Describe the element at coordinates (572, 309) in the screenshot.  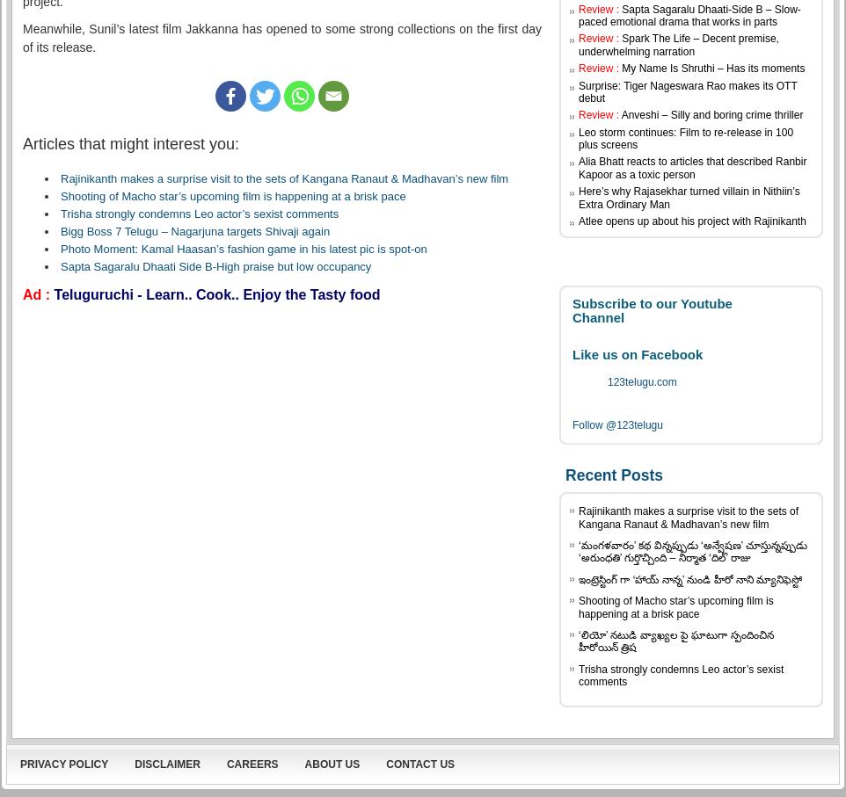
I see `'Subscribe to our Youtube Channel'` at that location.